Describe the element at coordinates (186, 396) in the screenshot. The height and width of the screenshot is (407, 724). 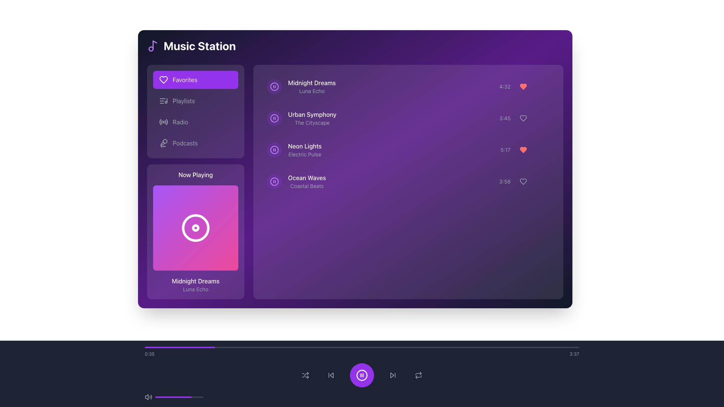
I see `the slider value` at that location.